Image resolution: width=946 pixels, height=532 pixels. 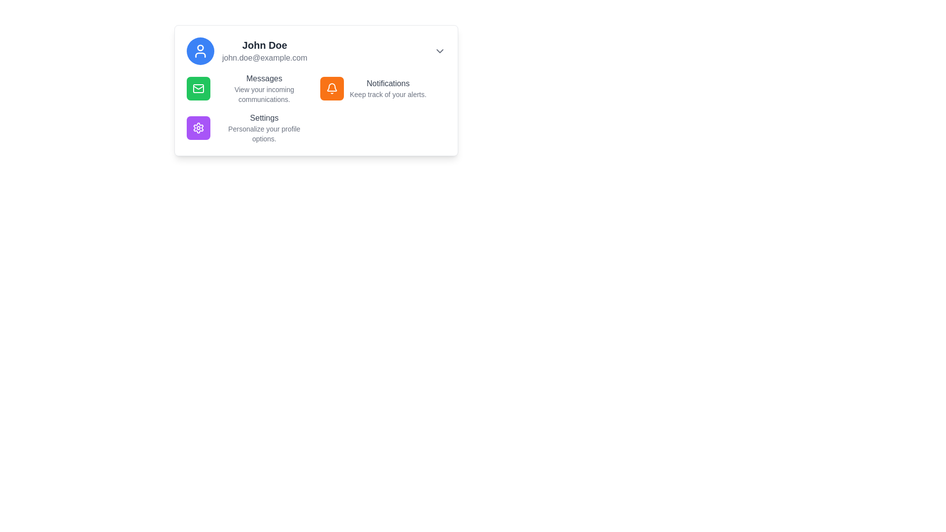 What do you see at coordinates (249, 127) in the screenshot?
I see `the settings button located at the bottom-left of the interface, which is the third option in a grid of three labeled options including 'Messages' and 'Notifications'` at bounding box center [249, 127].